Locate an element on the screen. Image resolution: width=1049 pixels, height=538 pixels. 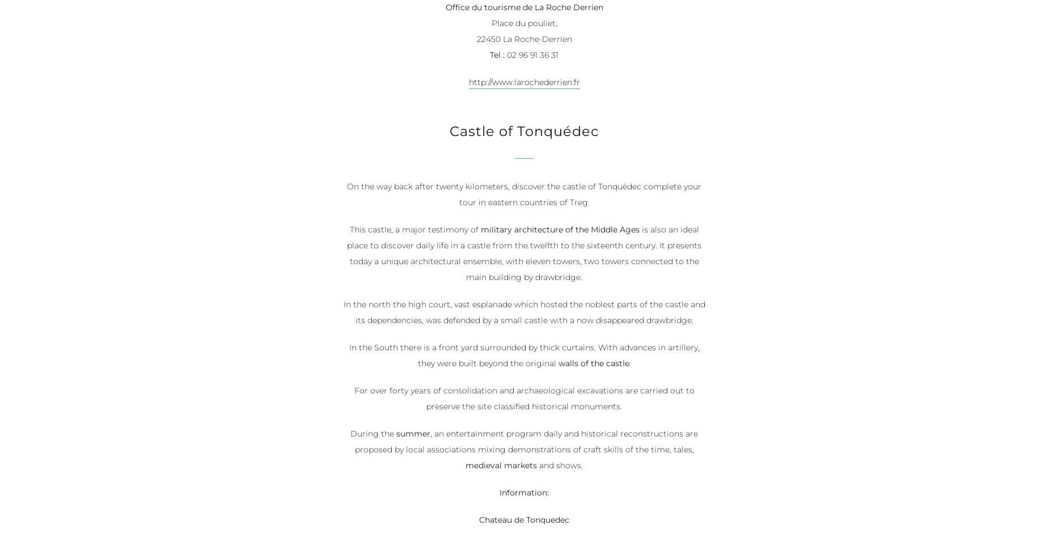
'In the South there is a front yard surrounded by thick curtains. With advances in artillery, they were built beyond the original' is located at coordinates (348, 355).